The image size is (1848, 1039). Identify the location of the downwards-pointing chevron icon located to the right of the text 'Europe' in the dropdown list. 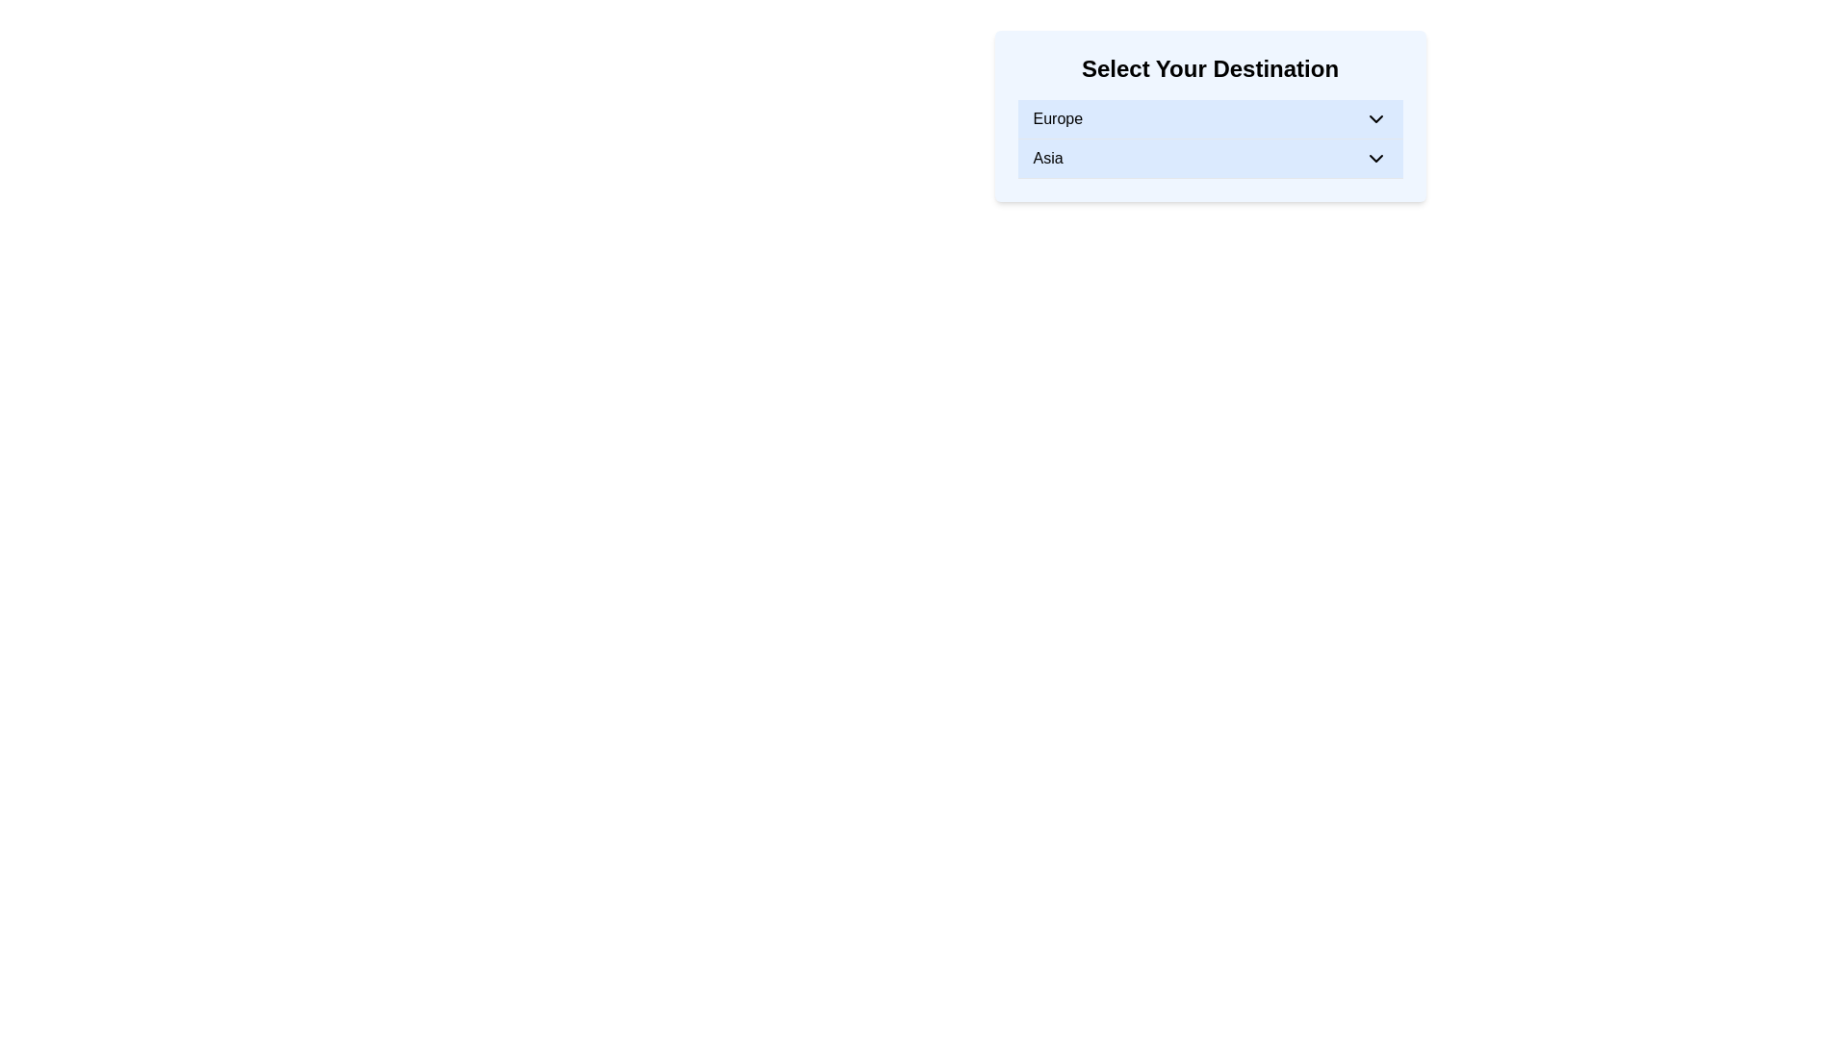
(1374, 118).